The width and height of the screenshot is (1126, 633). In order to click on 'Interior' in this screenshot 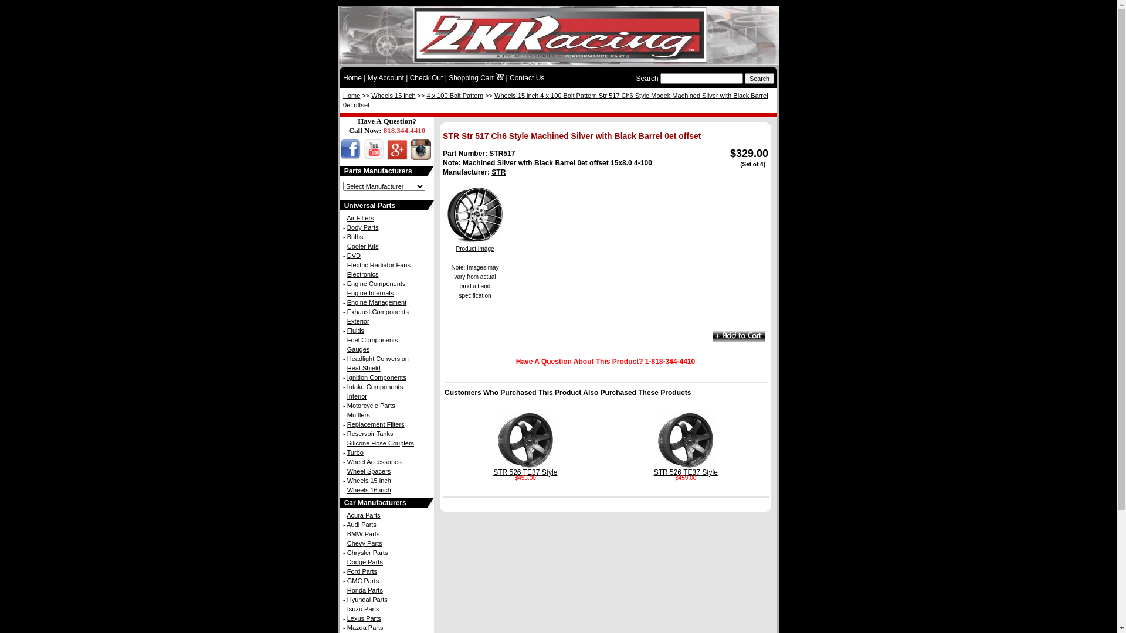, I will do `click(357, 396)`.